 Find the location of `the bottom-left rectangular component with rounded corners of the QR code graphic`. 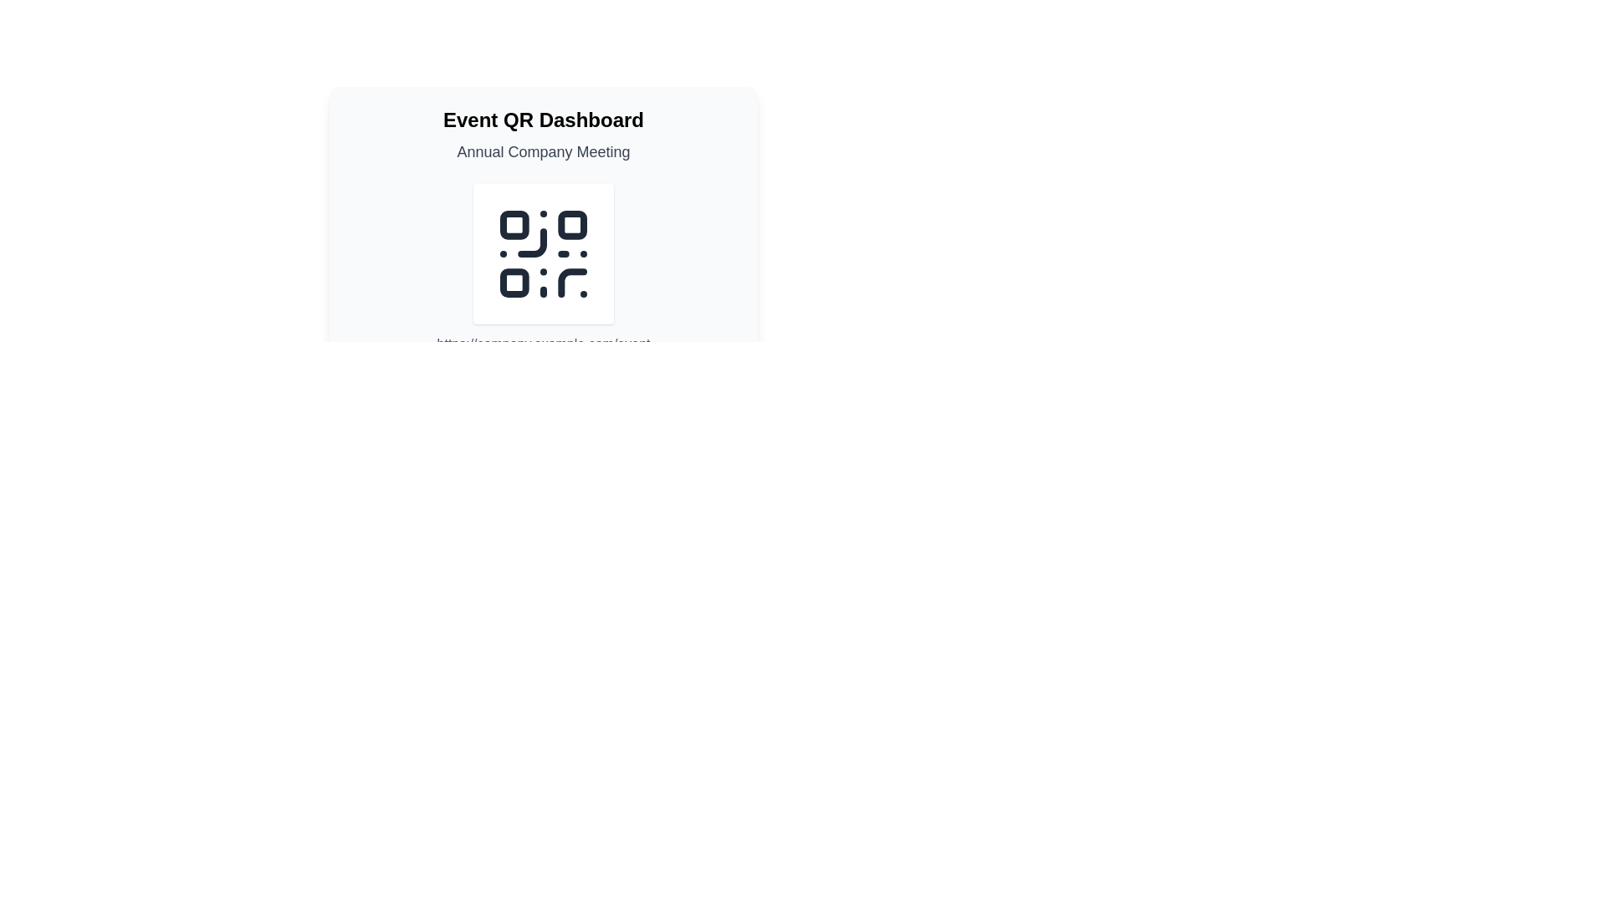

the bottom-left rectangular component with rounded corners of the QR code graphic is located at coordinates (514, 282).